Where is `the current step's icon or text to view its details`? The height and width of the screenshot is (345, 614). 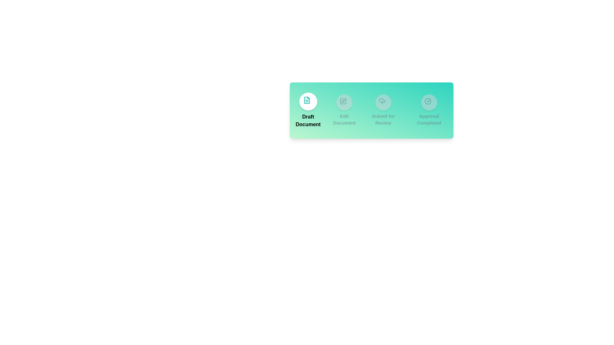 the current step's icon or text to view its details is located at coordinates (308, 101).